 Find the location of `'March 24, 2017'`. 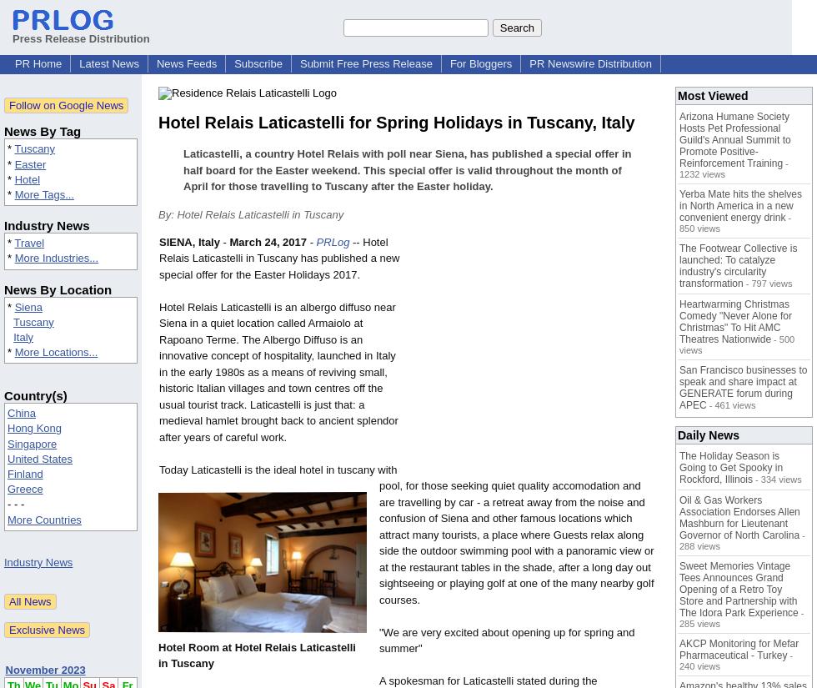

'March 24, 2017' is located at coordinates (268, 241).